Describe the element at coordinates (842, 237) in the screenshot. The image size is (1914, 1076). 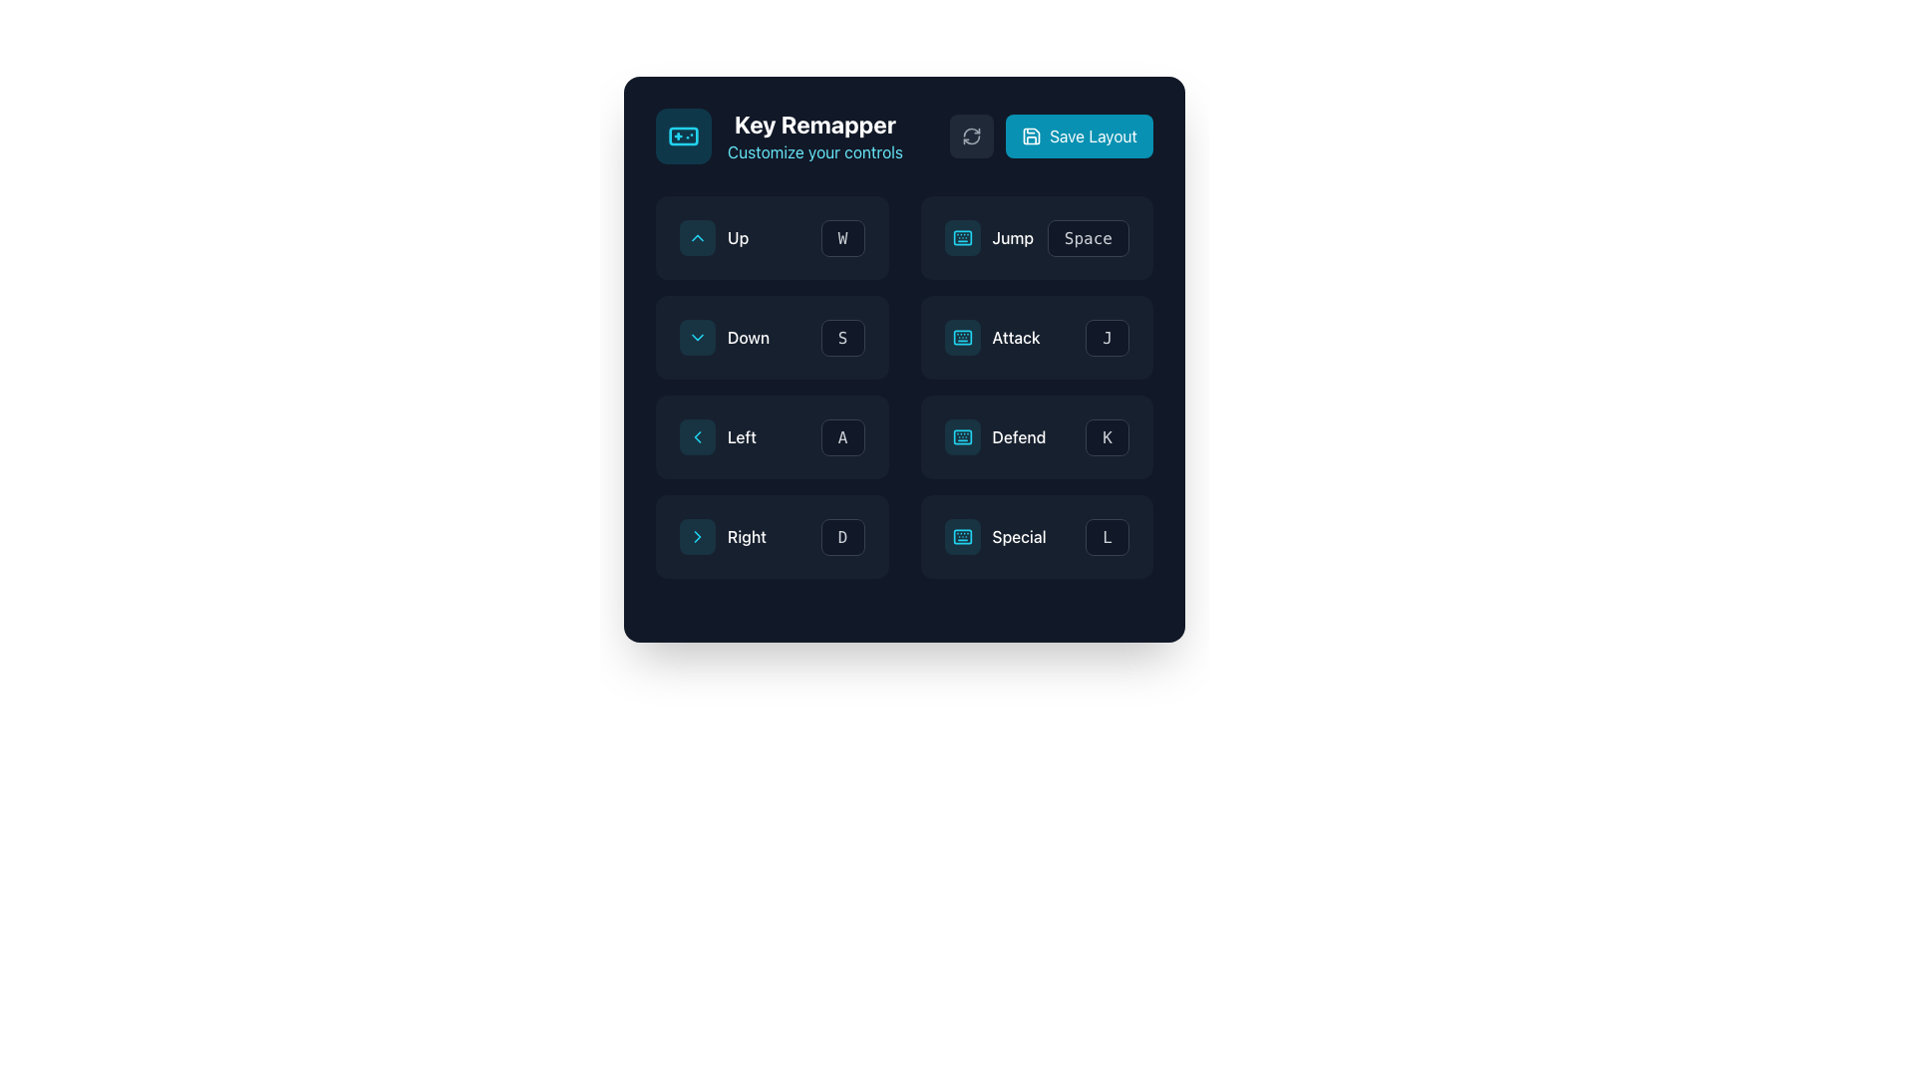
I see `the key label displaying the letter 'W', which is located inside a rounded rectangular button with a dark-gray background and lighter-gray border, positioned in the first column and second row of the key remapping interface` at that location.